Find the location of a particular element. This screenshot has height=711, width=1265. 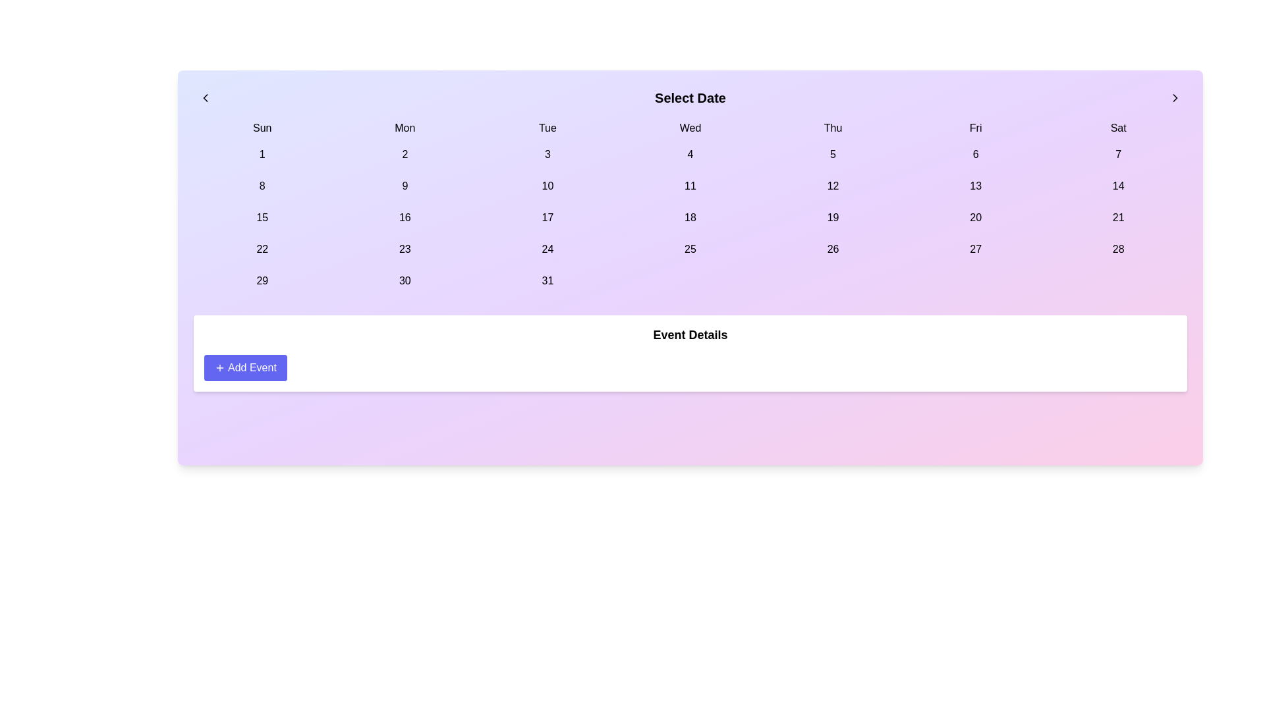

the centrally positioned text element that serves as a title or label, indicating the action or context of selecting a date is located at coordinates (689, 97).